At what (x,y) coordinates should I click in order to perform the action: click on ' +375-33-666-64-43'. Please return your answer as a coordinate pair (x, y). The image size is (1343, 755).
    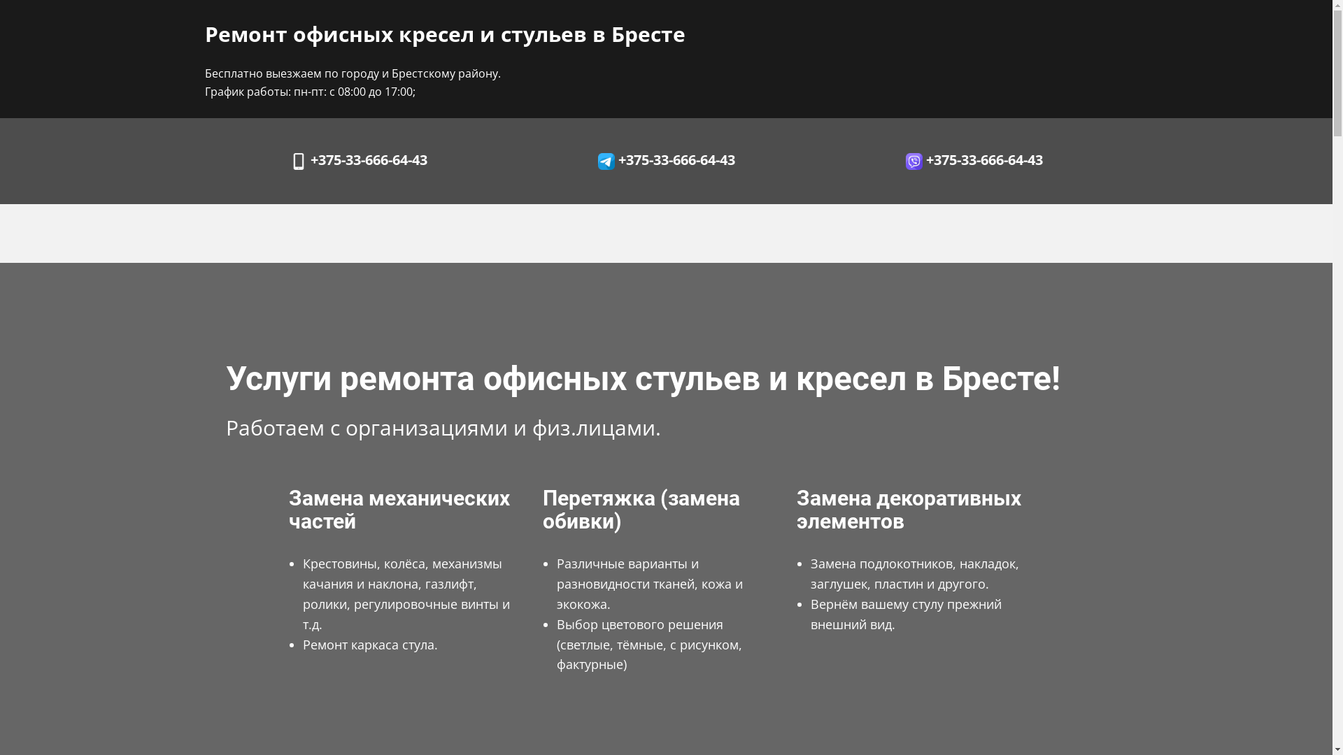
    Looking at the image, I should click on (665, 160).